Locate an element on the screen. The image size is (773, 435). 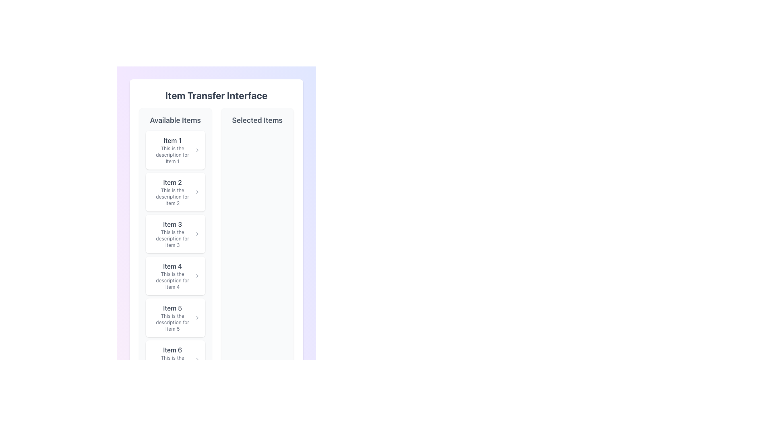
the fifth selectable item in the 'Available Items' list, which displays a title and a brief description is located at coordinates (172, 317).